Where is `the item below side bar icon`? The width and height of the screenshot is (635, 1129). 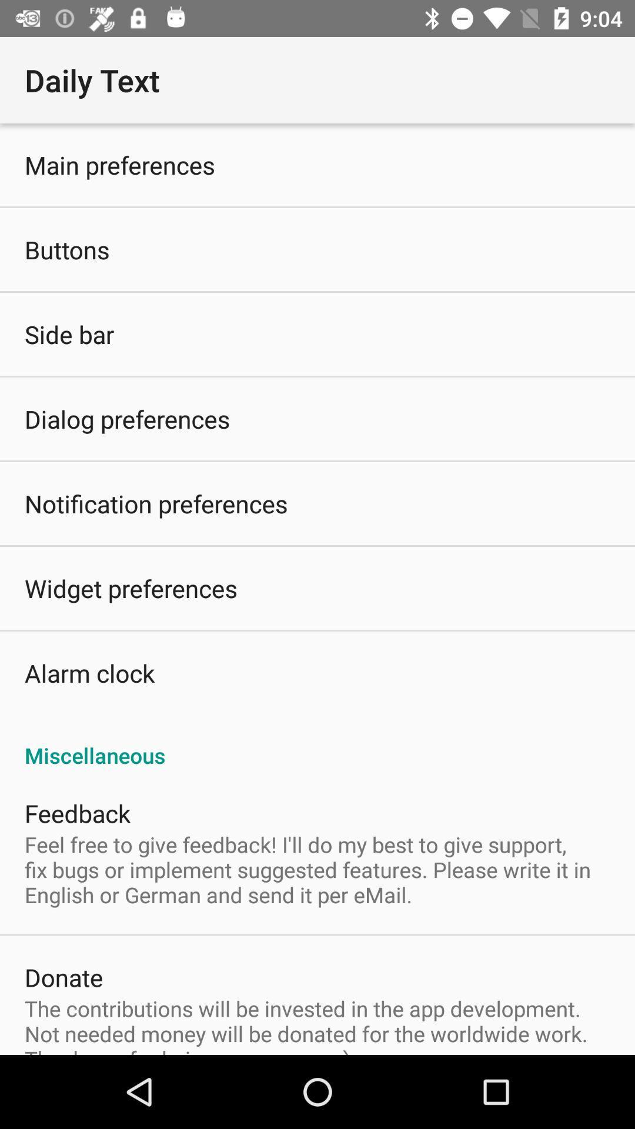 the item below side bar icon is located at coordinates (127, 419).